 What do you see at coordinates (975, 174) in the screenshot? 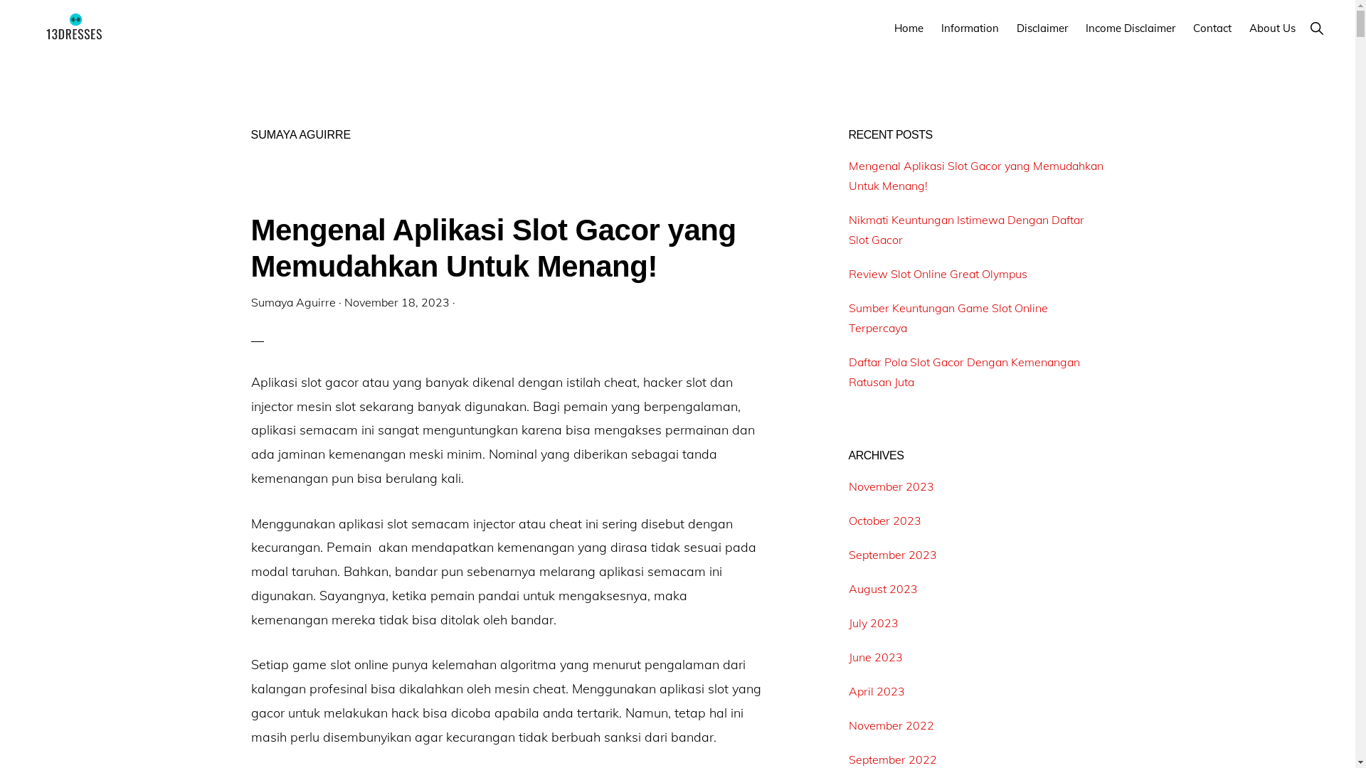
I see `'Mengenal Aplikasi Slot Gacor yang Memudahkan Untuk Menang!'` at bounding box center [975, 174].